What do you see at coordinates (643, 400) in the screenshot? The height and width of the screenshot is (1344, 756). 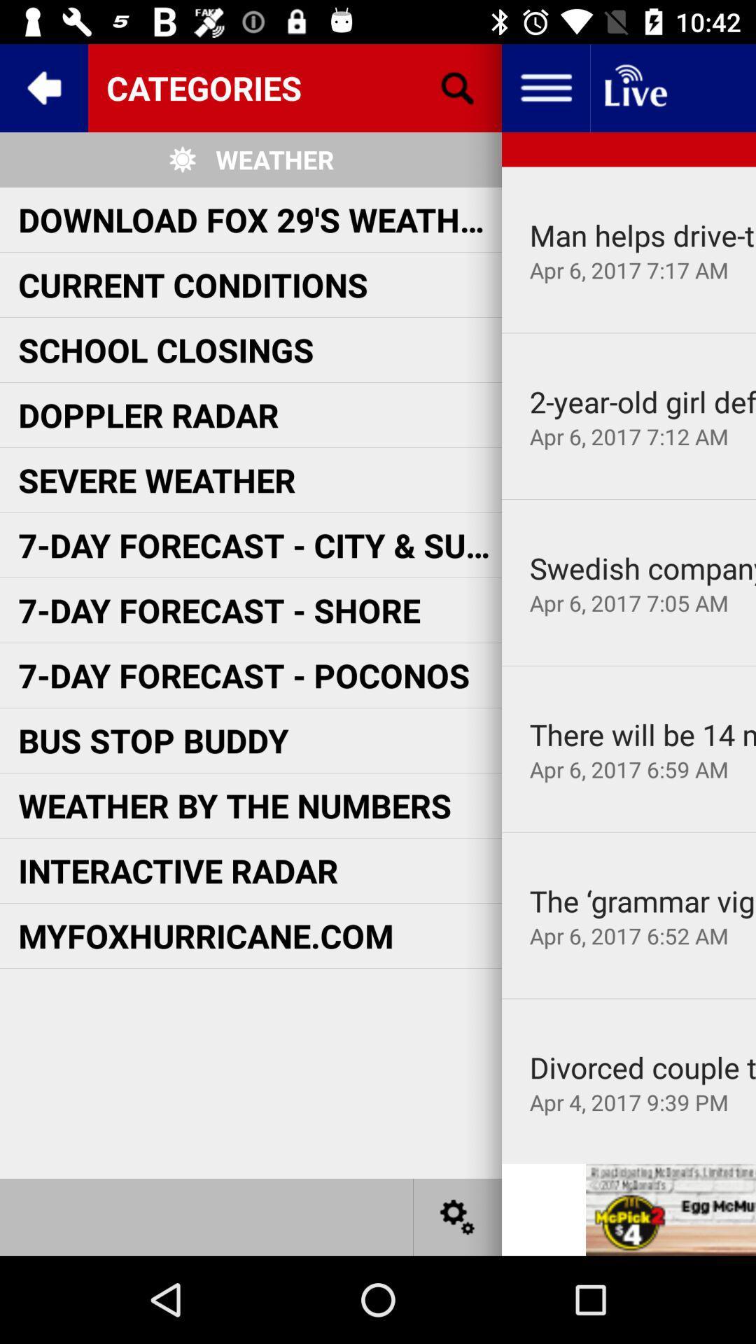 I see `the 2 year old item` at bounding box center [643, 400].